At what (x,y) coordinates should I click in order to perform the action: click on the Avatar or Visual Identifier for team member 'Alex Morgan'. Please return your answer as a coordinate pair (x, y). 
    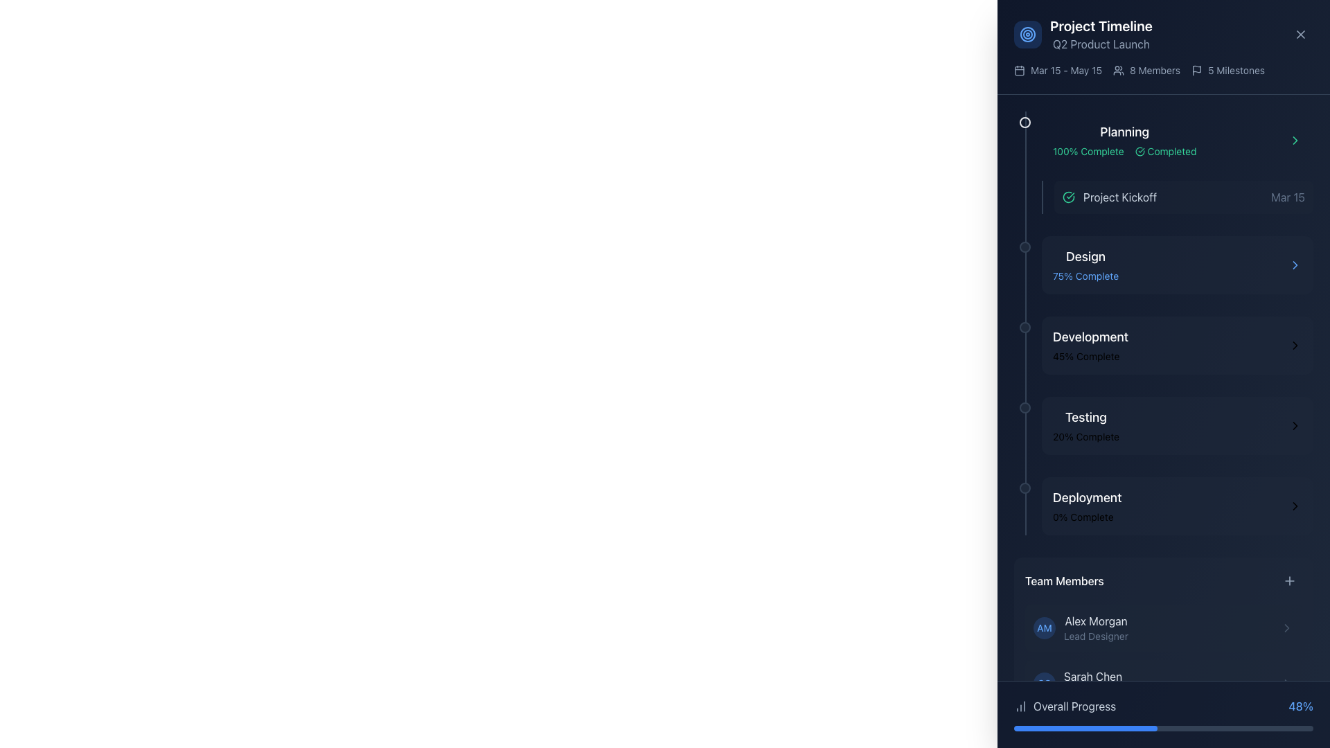
    Looking at the image, I should click on (1044, 627).